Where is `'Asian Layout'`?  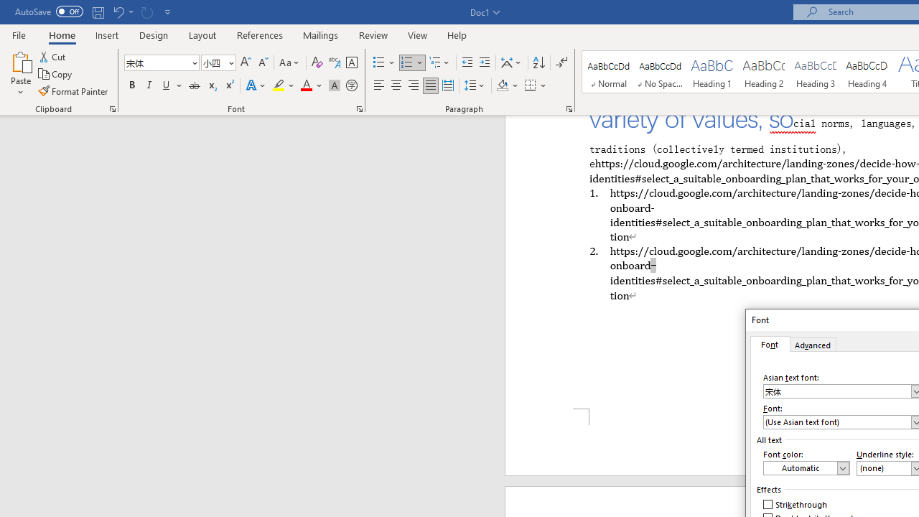 'Asian Layout' is located at coordinates (511, 62).